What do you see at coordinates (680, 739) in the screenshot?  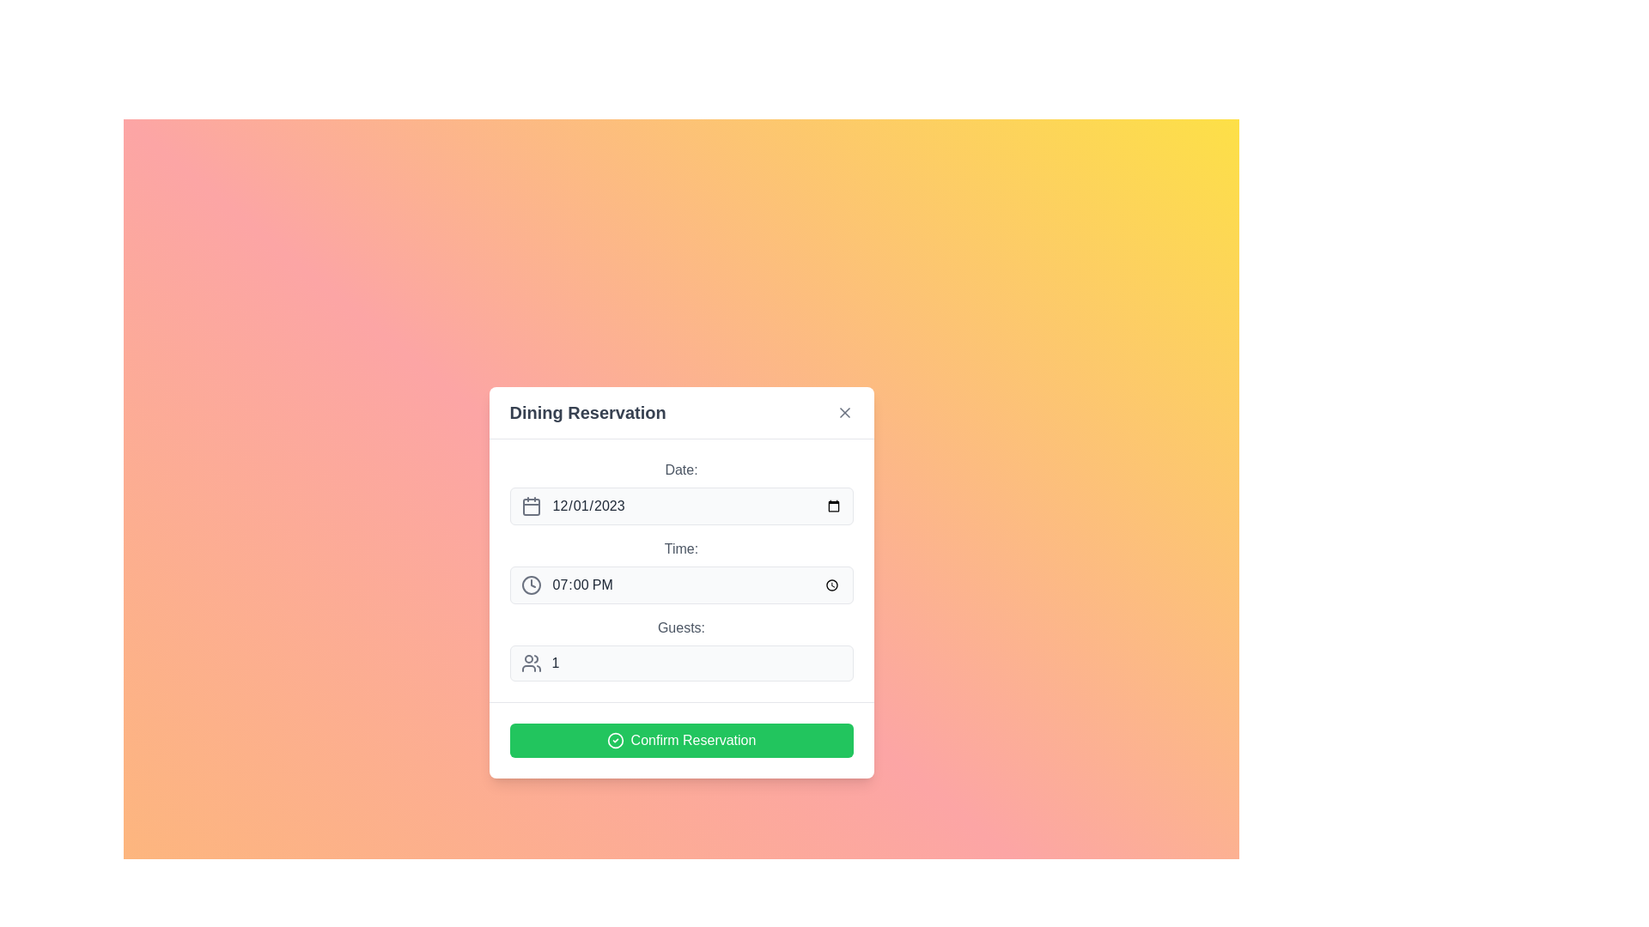 I see `the green button labeled 'Confirm Reservation' with a check-circle icon to confirm the reservation` at bounding box center [680, 739].